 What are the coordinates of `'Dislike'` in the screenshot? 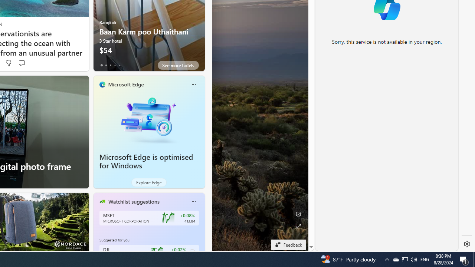 It's located at (8, 63).